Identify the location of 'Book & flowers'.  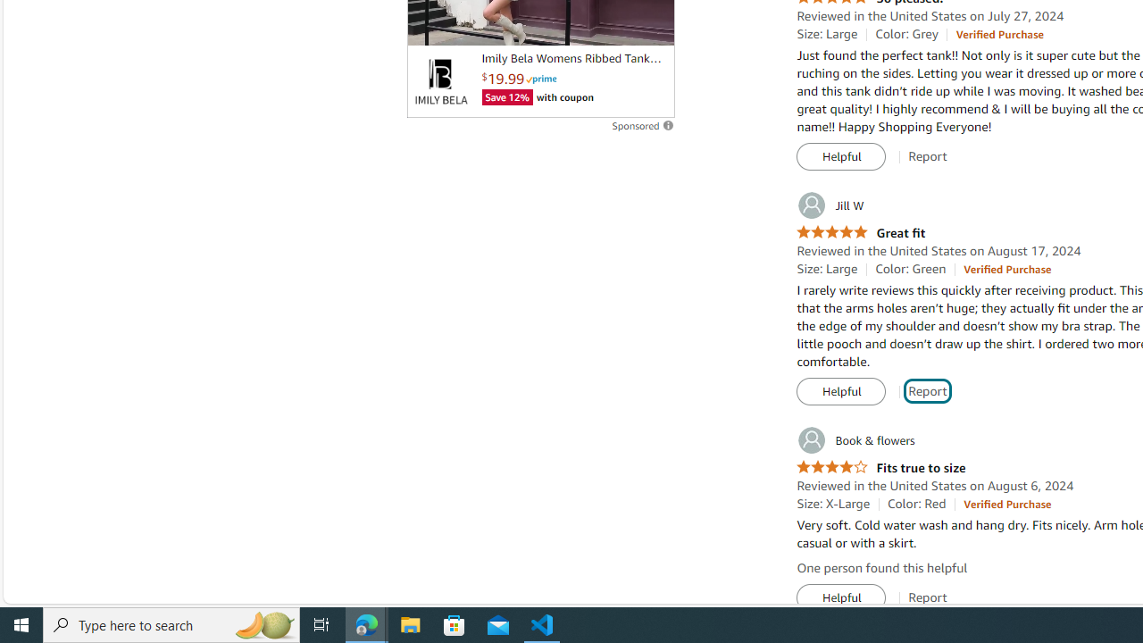
(855, 440).